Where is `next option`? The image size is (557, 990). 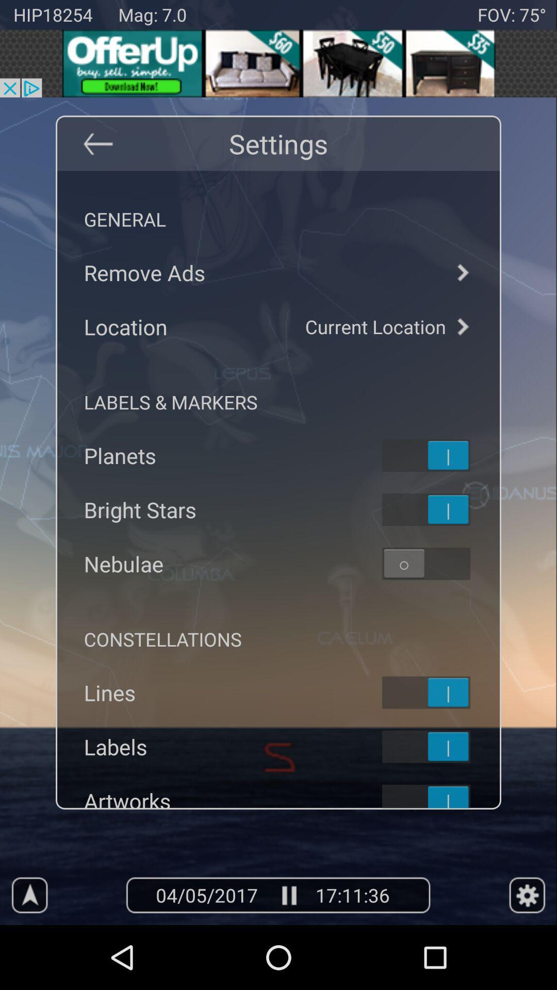 next option is located at coordinates (462, 326).